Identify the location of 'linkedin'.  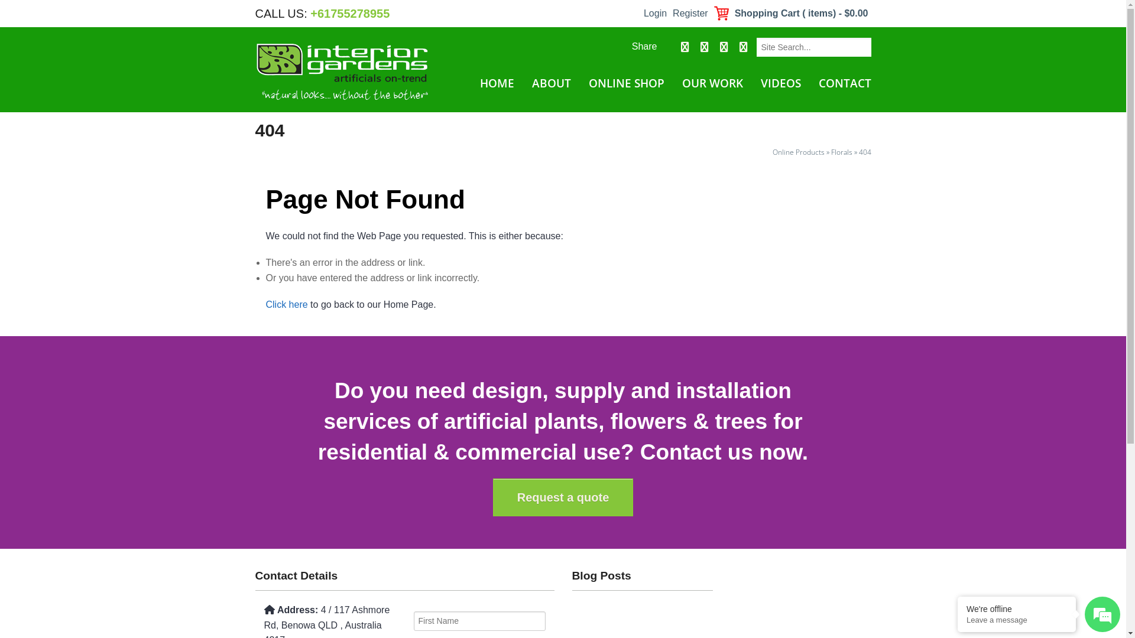
(694, 47).